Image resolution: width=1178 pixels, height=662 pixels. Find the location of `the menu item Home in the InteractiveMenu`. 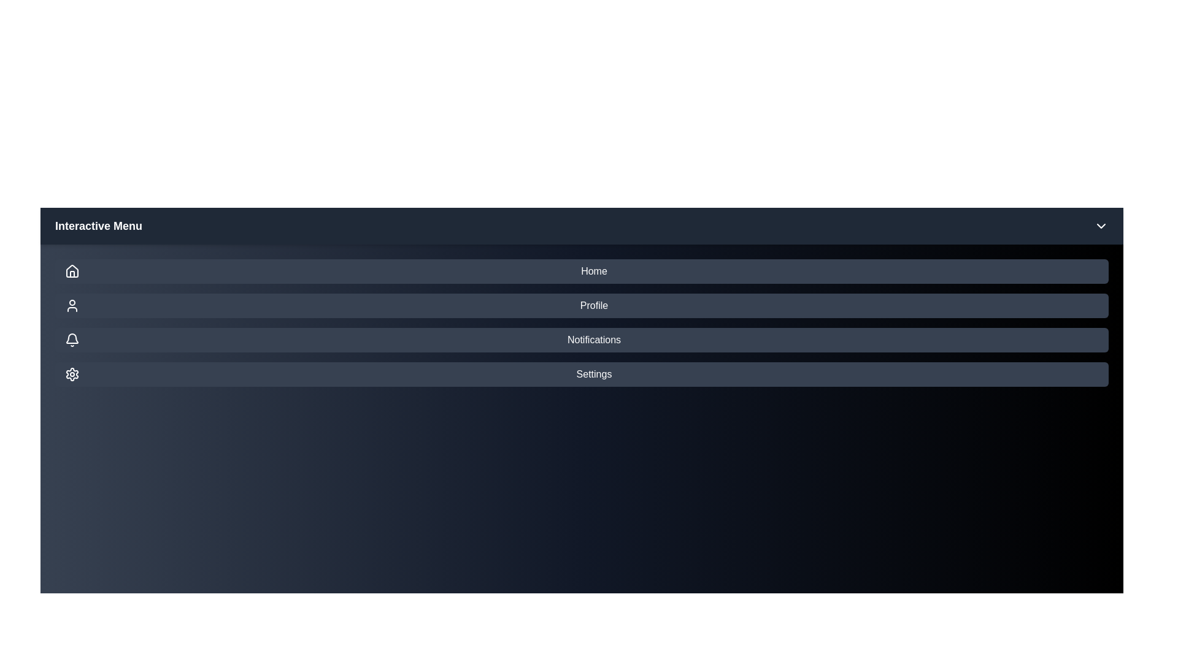

the menu item Home in the InteractiveMenu is located at coordinates (581, 271).